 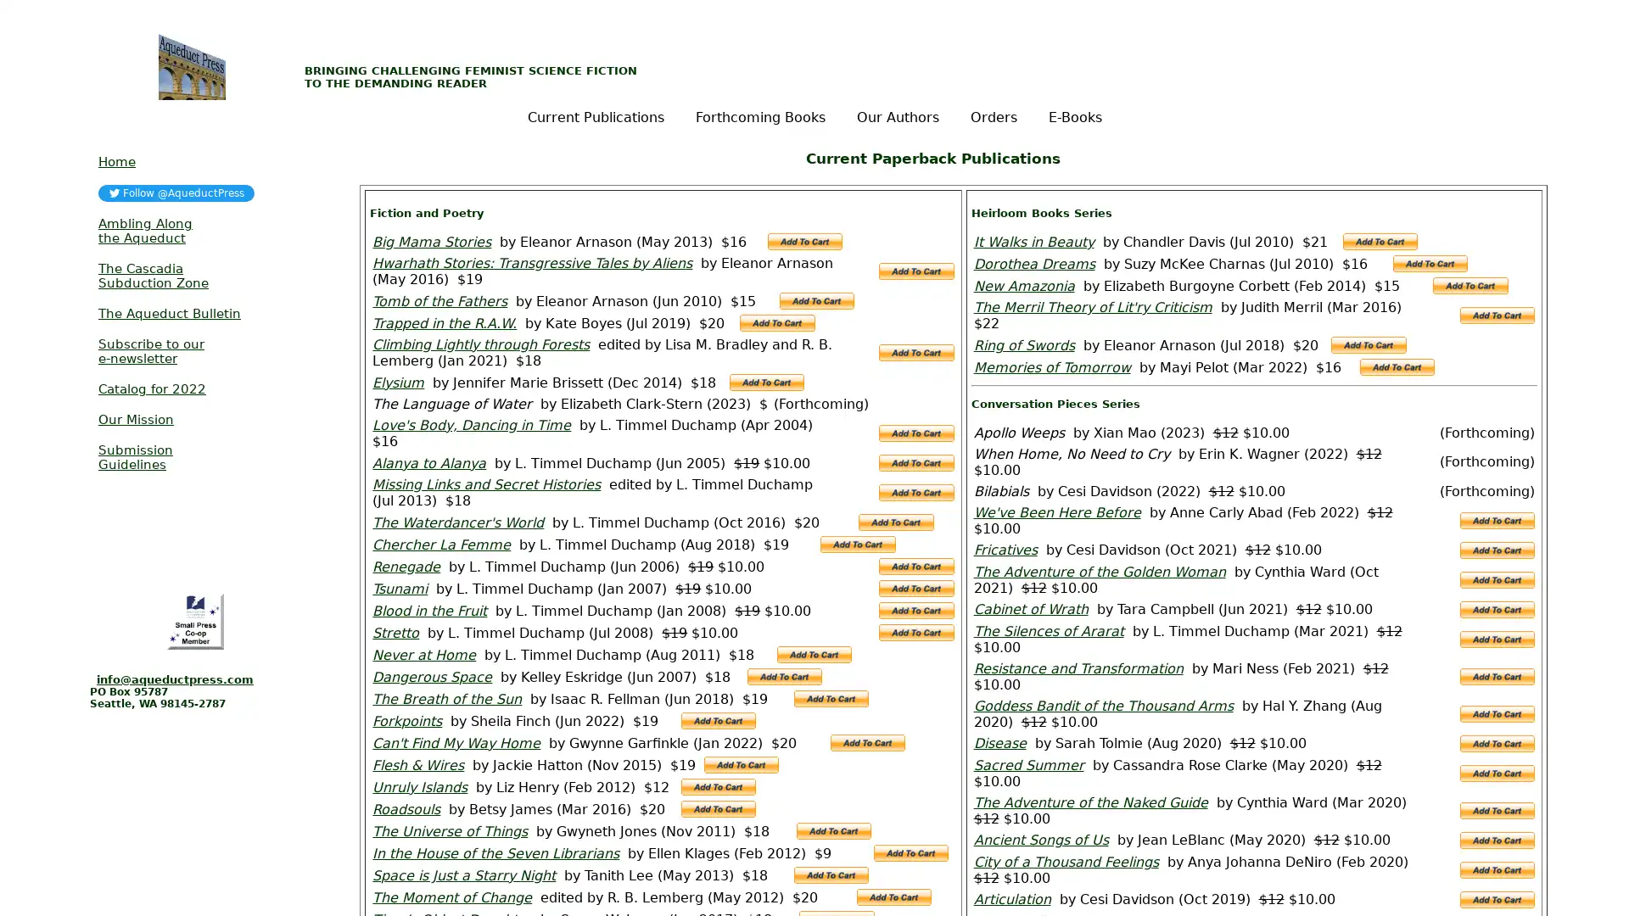 What do you see at coordinates (1368, 344) in the screenshot?
I see `Make payments with PayPal - it\'s fast, free and secure!` at bounding box center [1368, 344].